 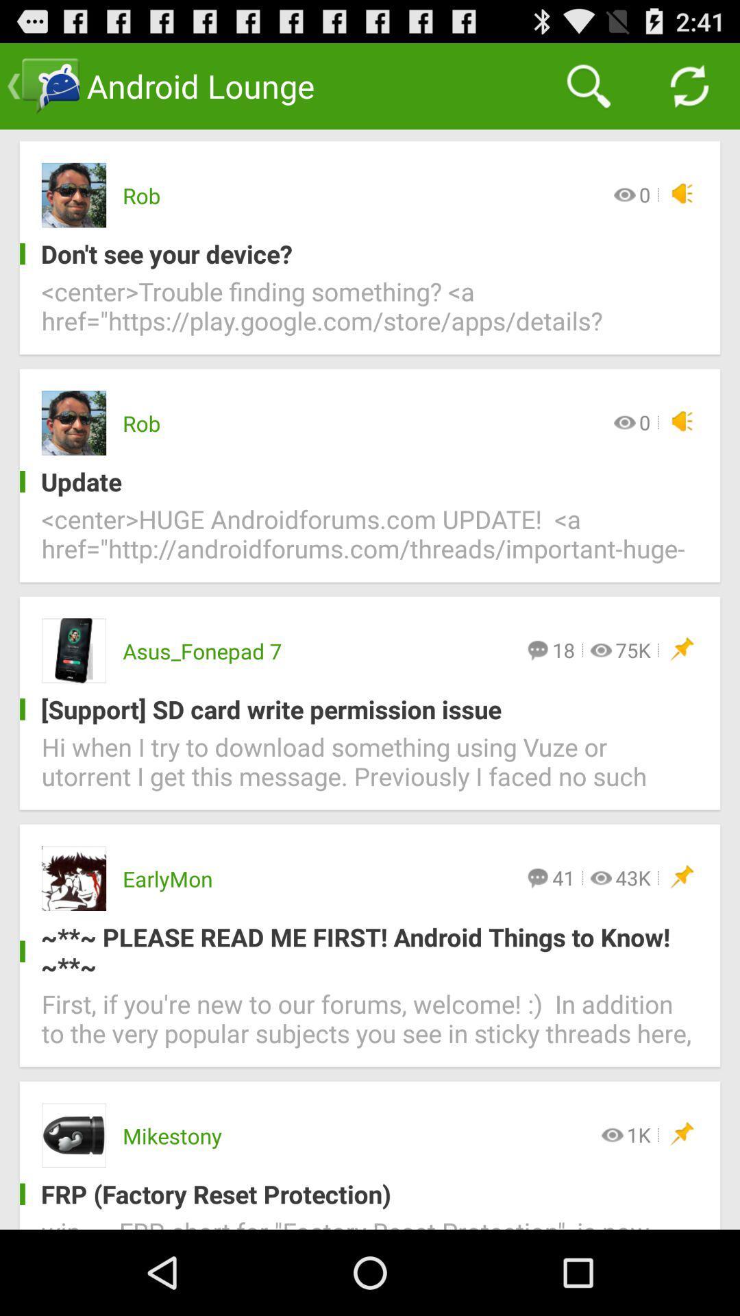 I want to click on icon below the don t see icon, so click(x=370, y=314).